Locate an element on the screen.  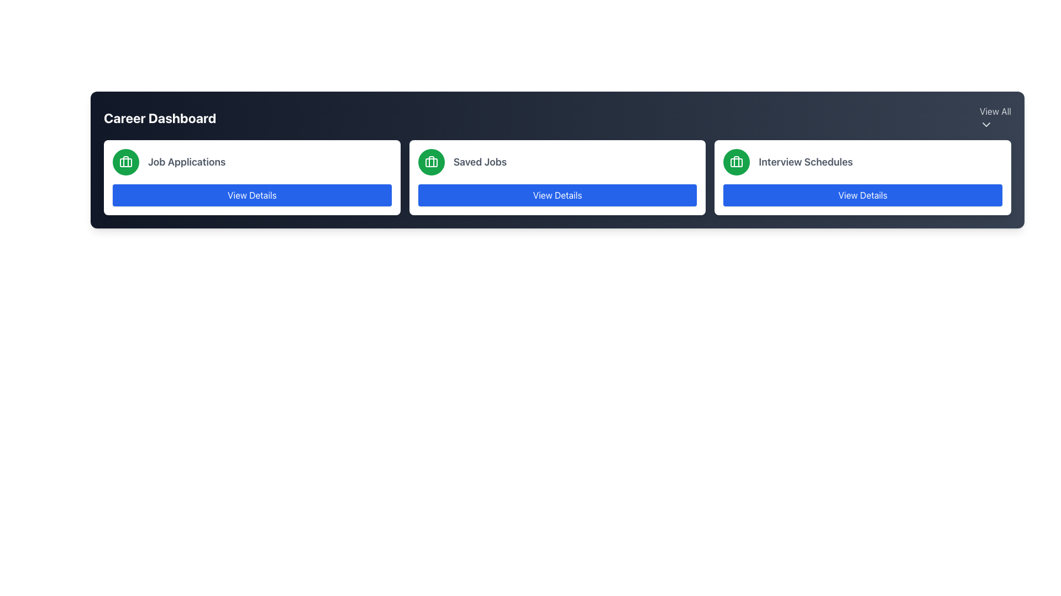
the 'Job Applications' text label for accessibility navigation is located at coordinates (187, 162).